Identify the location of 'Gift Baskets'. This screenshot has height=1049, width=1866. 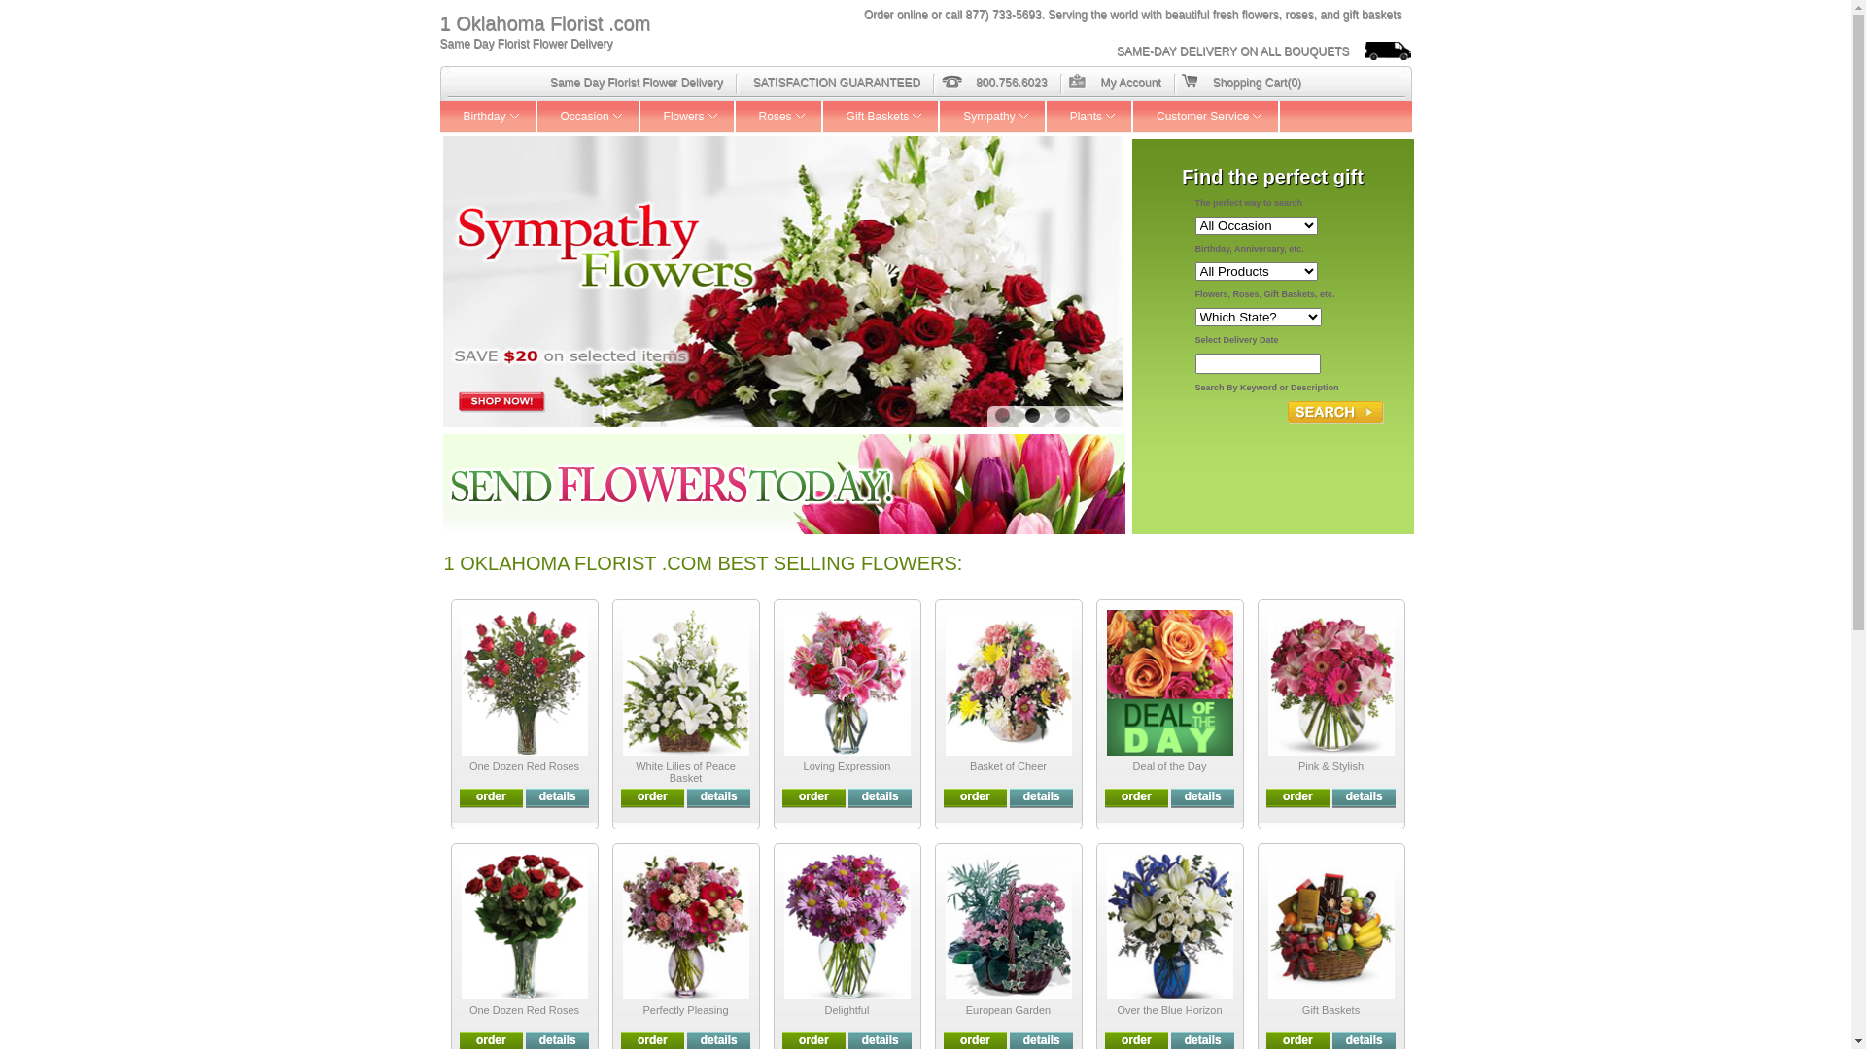
(1330, 1009).